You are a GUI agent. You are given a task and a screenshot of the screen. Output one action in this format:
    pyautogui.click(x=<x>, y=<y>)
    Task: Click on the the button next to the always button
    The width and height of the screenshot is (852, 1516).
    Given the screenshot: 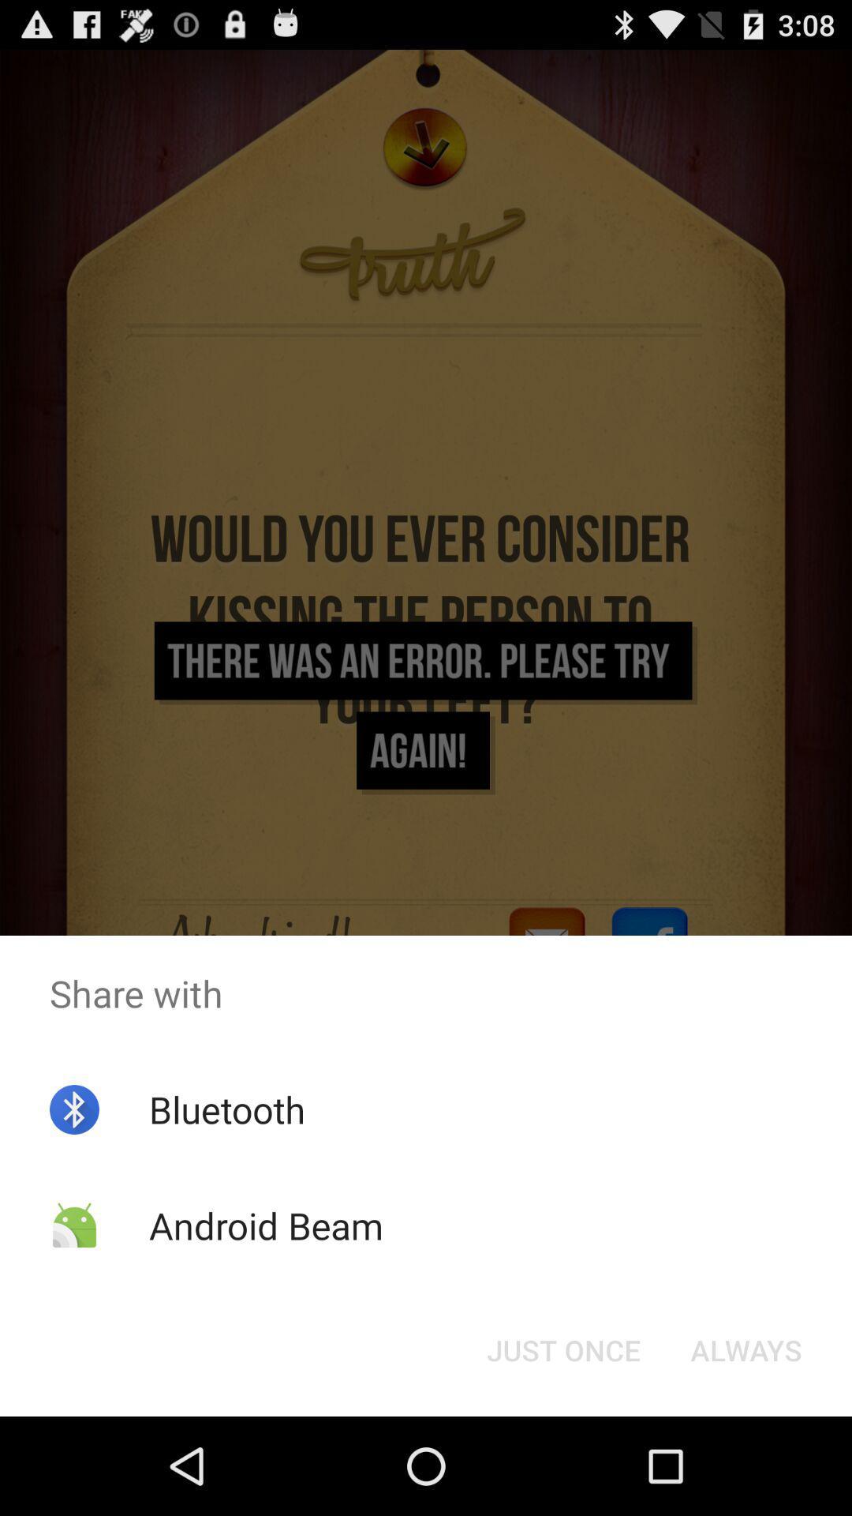 What is the action you would take?
    pyautogui.click(x=562, y=1349)
    